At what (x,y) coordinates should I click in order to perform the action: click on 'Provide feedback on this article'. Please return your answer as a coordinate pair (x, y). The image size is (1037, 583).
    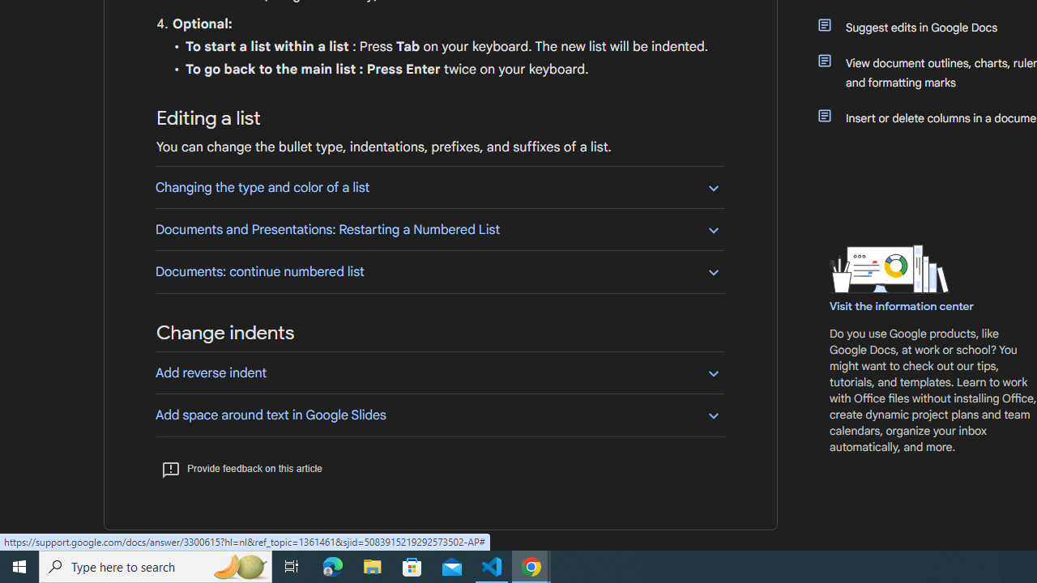
    Looking at the image, I should click on (241, 468).